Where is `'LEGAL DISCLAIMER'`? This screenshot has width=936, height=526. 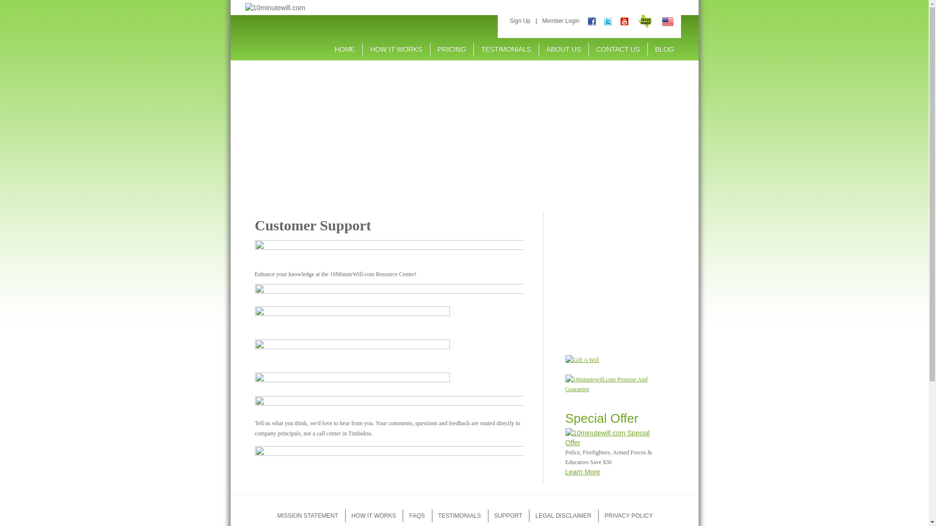 'LEGAL DISCLAIMER' is located at coordinates (563, 515).